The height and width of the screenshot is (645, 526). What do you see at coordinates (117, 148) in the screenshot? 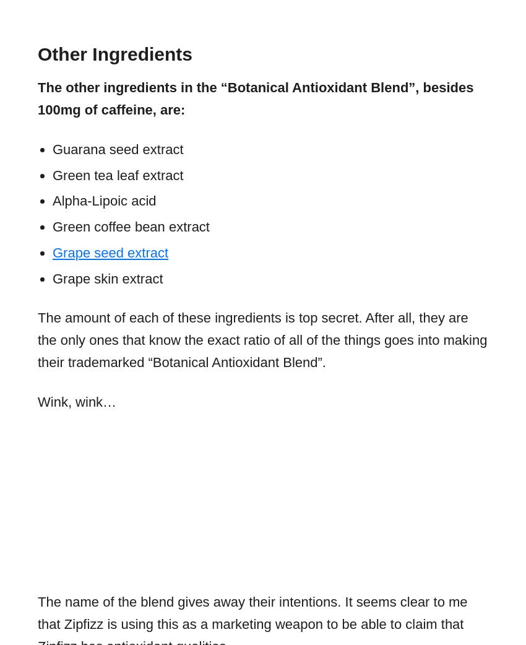
I see `'Guarana seed extract'` at bounding box center [117, 148].